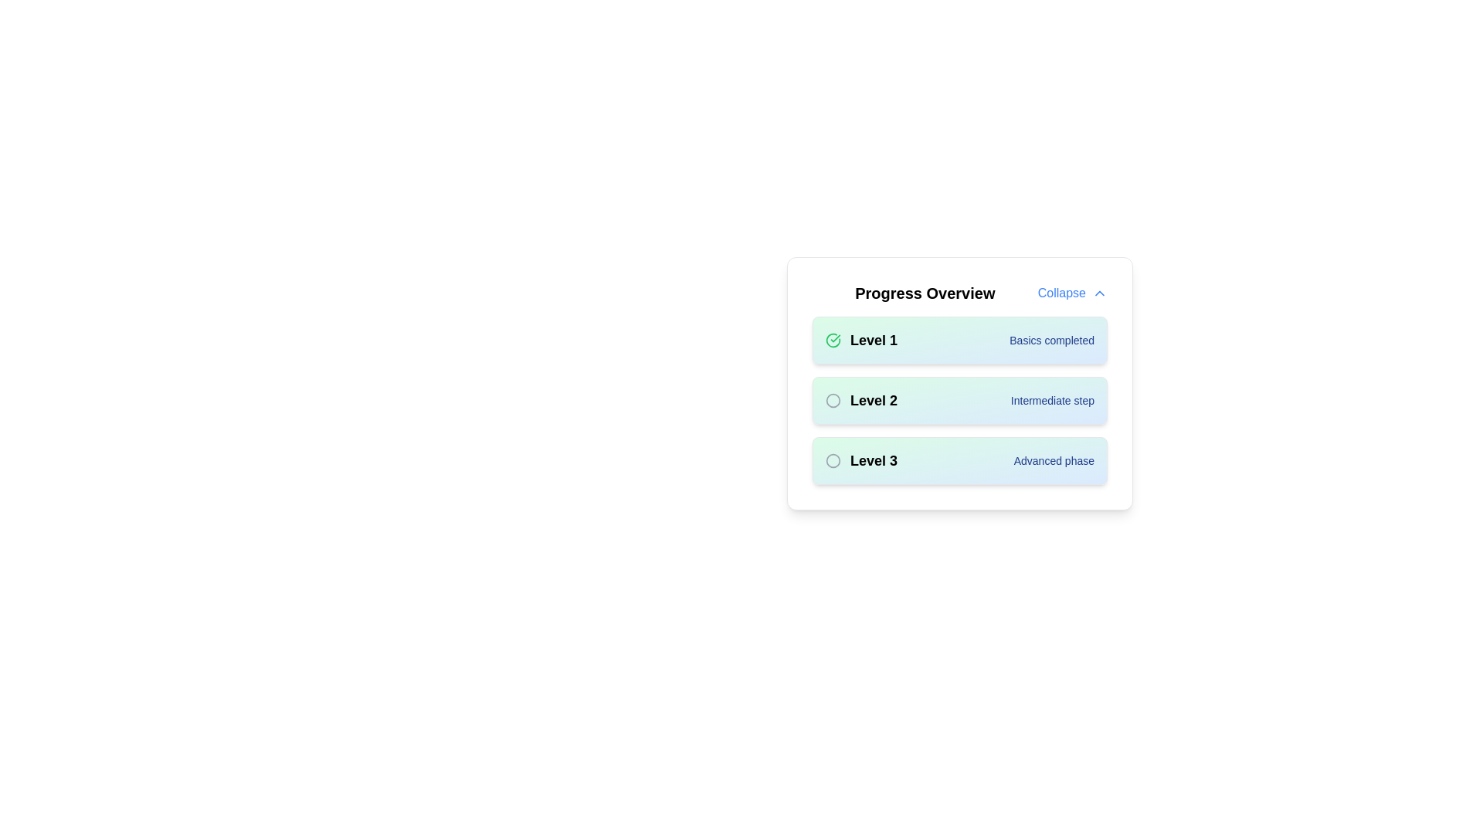 The image size is (1483, 834). I want to click on the Progress level item titled 'Level 2' with the description 'Intermediate step', so click(959, 400).